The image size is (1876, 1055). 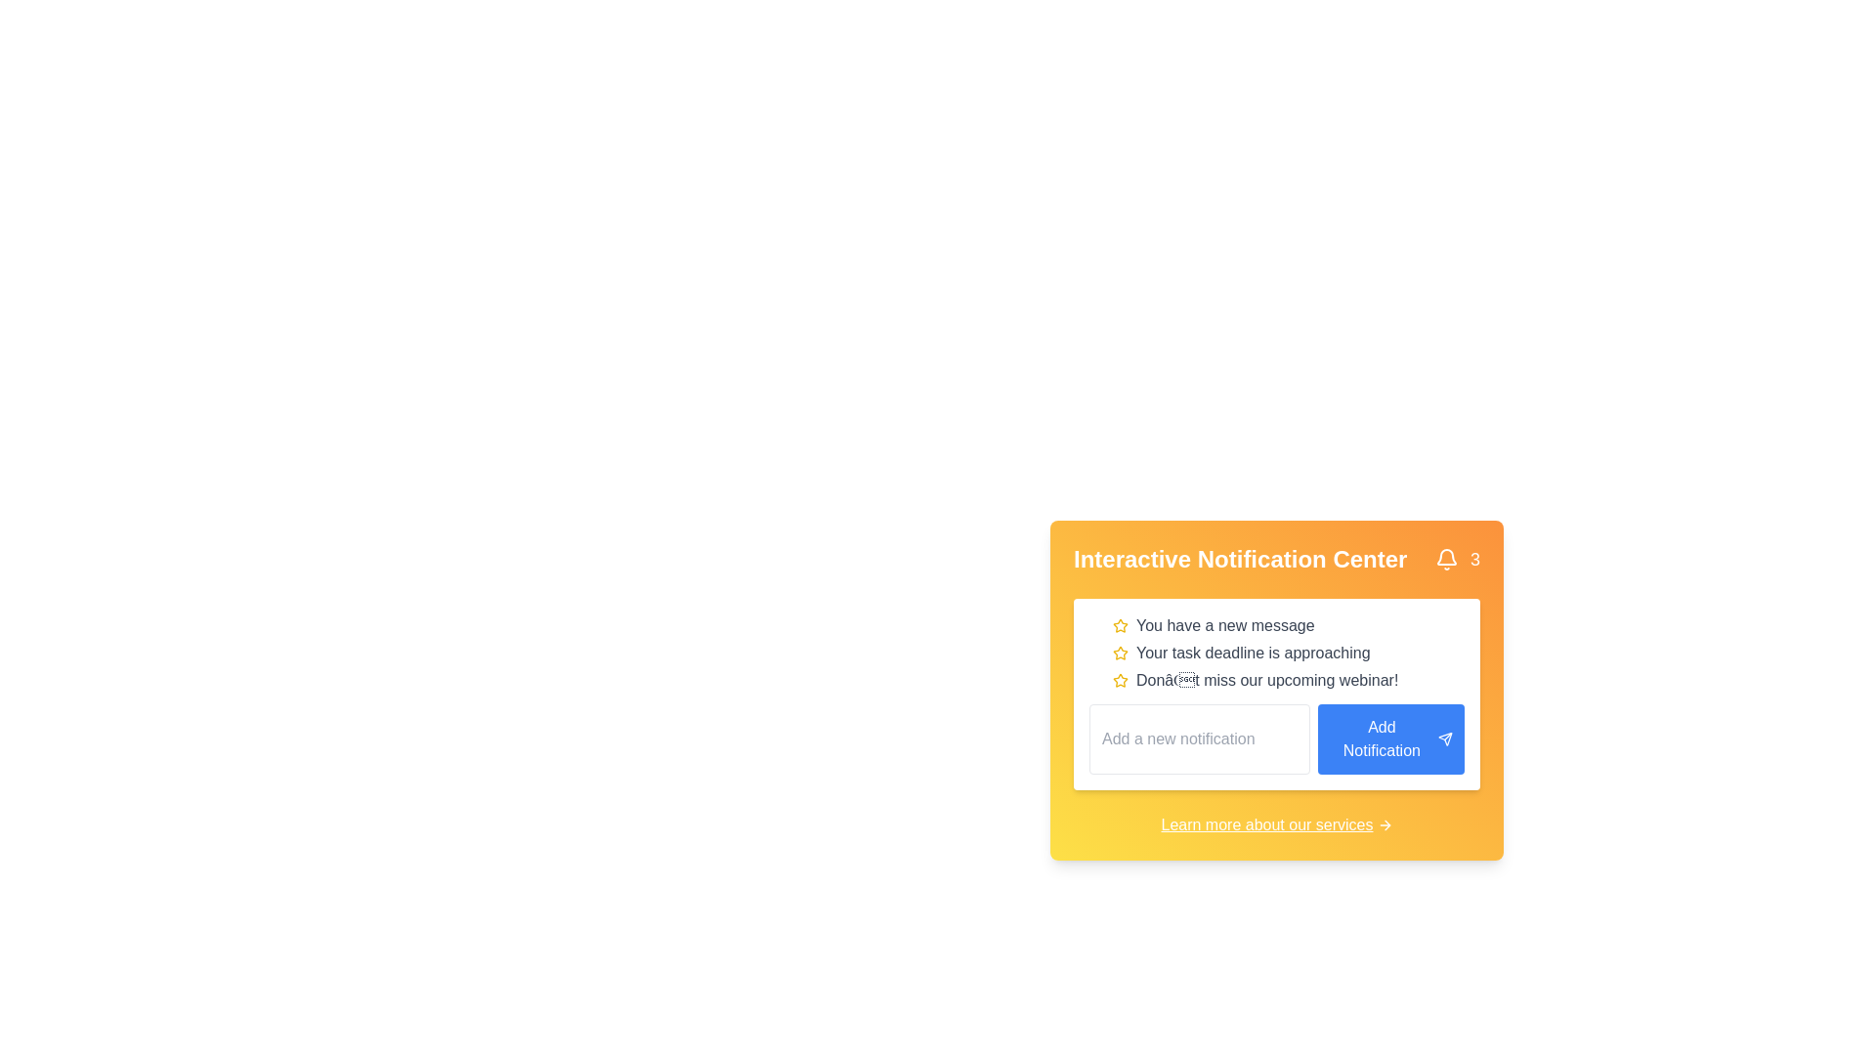 I want to click on notification message from the second Label with icon in the notification panel, which conveys information about an upcoming task deadline, so click(x=1289, y=653).